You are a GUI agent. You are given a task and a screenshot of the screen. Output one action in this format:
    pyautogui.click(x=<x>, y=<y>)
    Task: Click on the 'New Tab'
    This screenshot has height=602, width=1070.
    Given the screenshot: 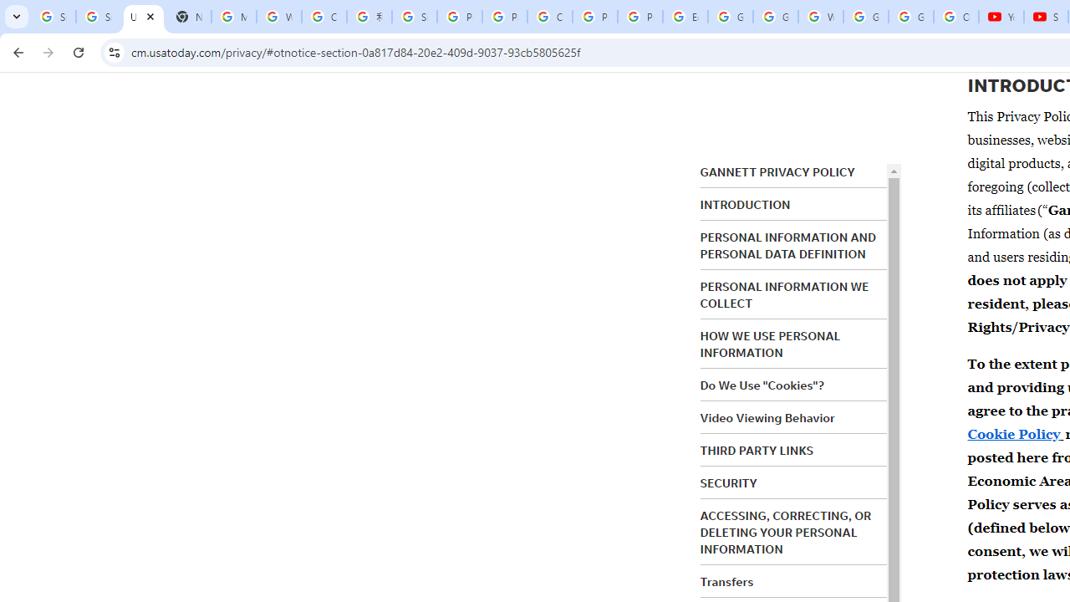 What is the action you would take?
    pyautogui.click(x=188, y=17)
    